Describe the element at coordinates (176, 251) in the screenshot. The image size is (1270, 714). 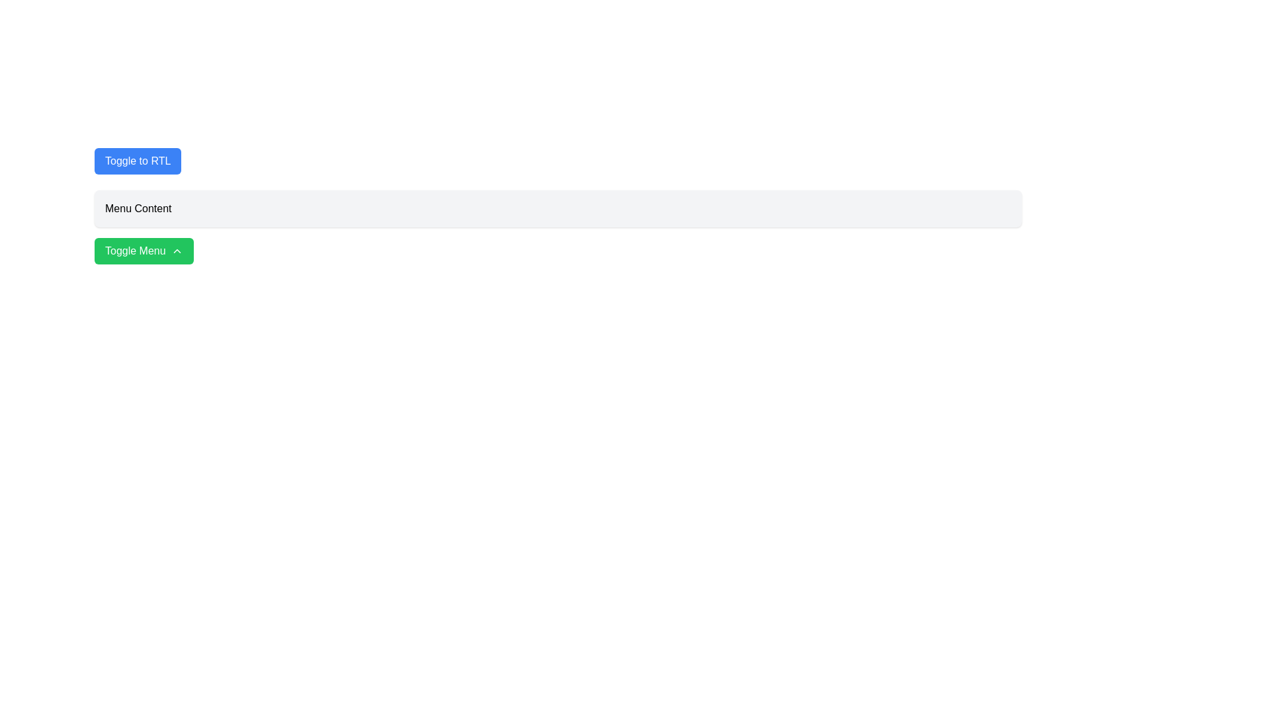
I see `the upward-pointing chevron icon located within the green button labeled 'Toggle Menu'` at that location.